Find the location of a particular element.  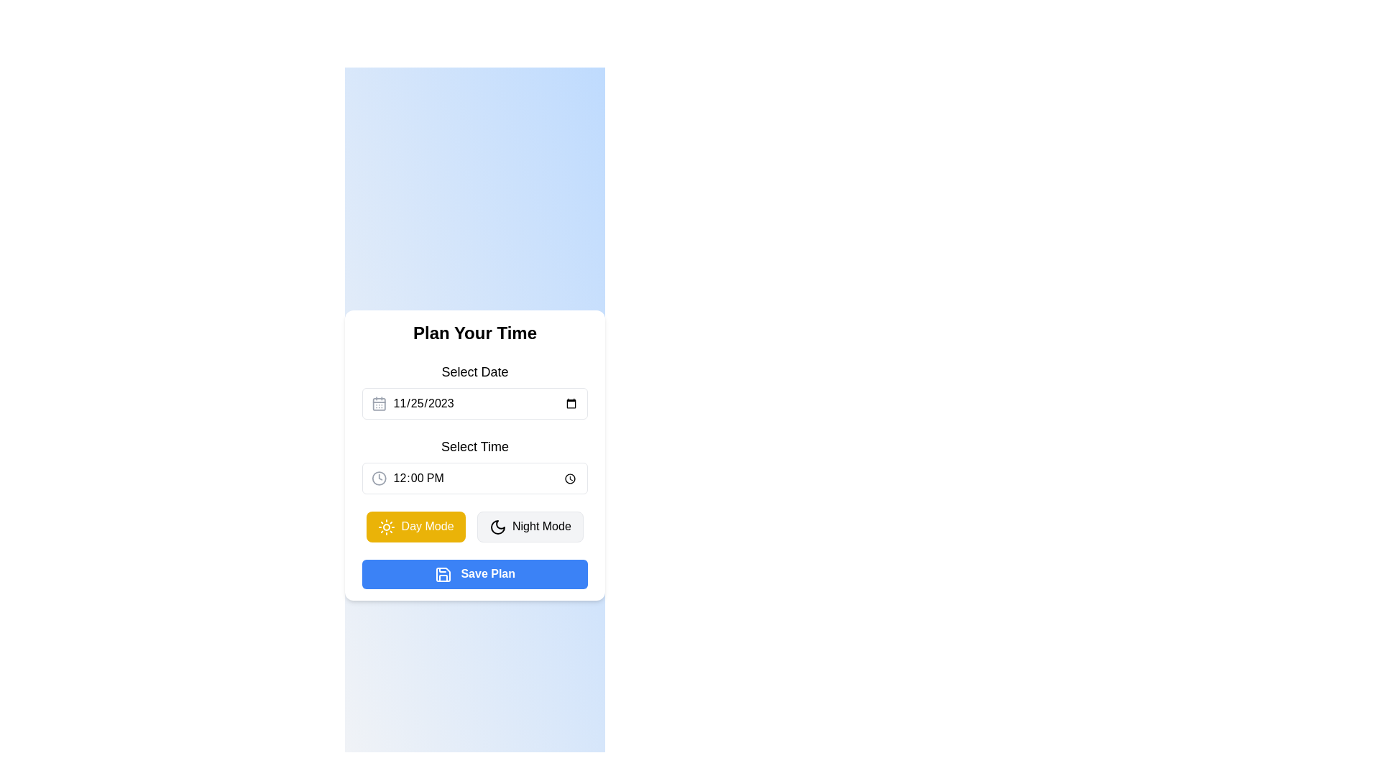

the decorative icon located to the left of the 'Save Plan' button at the bottom of the layout is located at coordinates (442, 573).